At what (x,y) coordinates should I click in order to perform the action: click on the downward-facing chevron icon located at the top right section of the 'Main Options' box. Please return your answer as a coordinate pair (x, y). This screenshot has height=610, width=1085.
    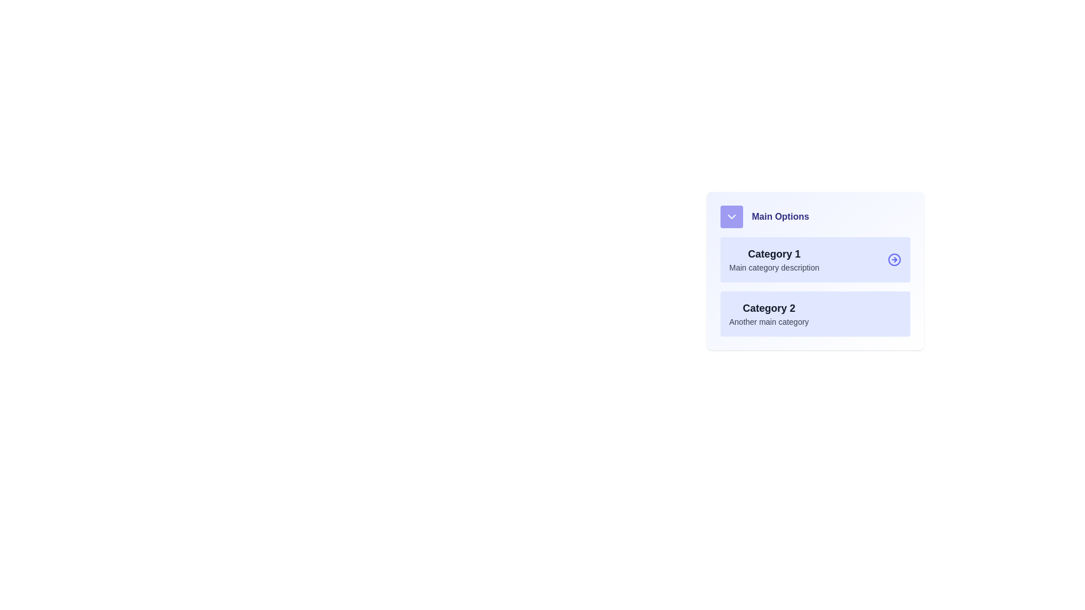
    Looking at the image, I should click on (731, 217).